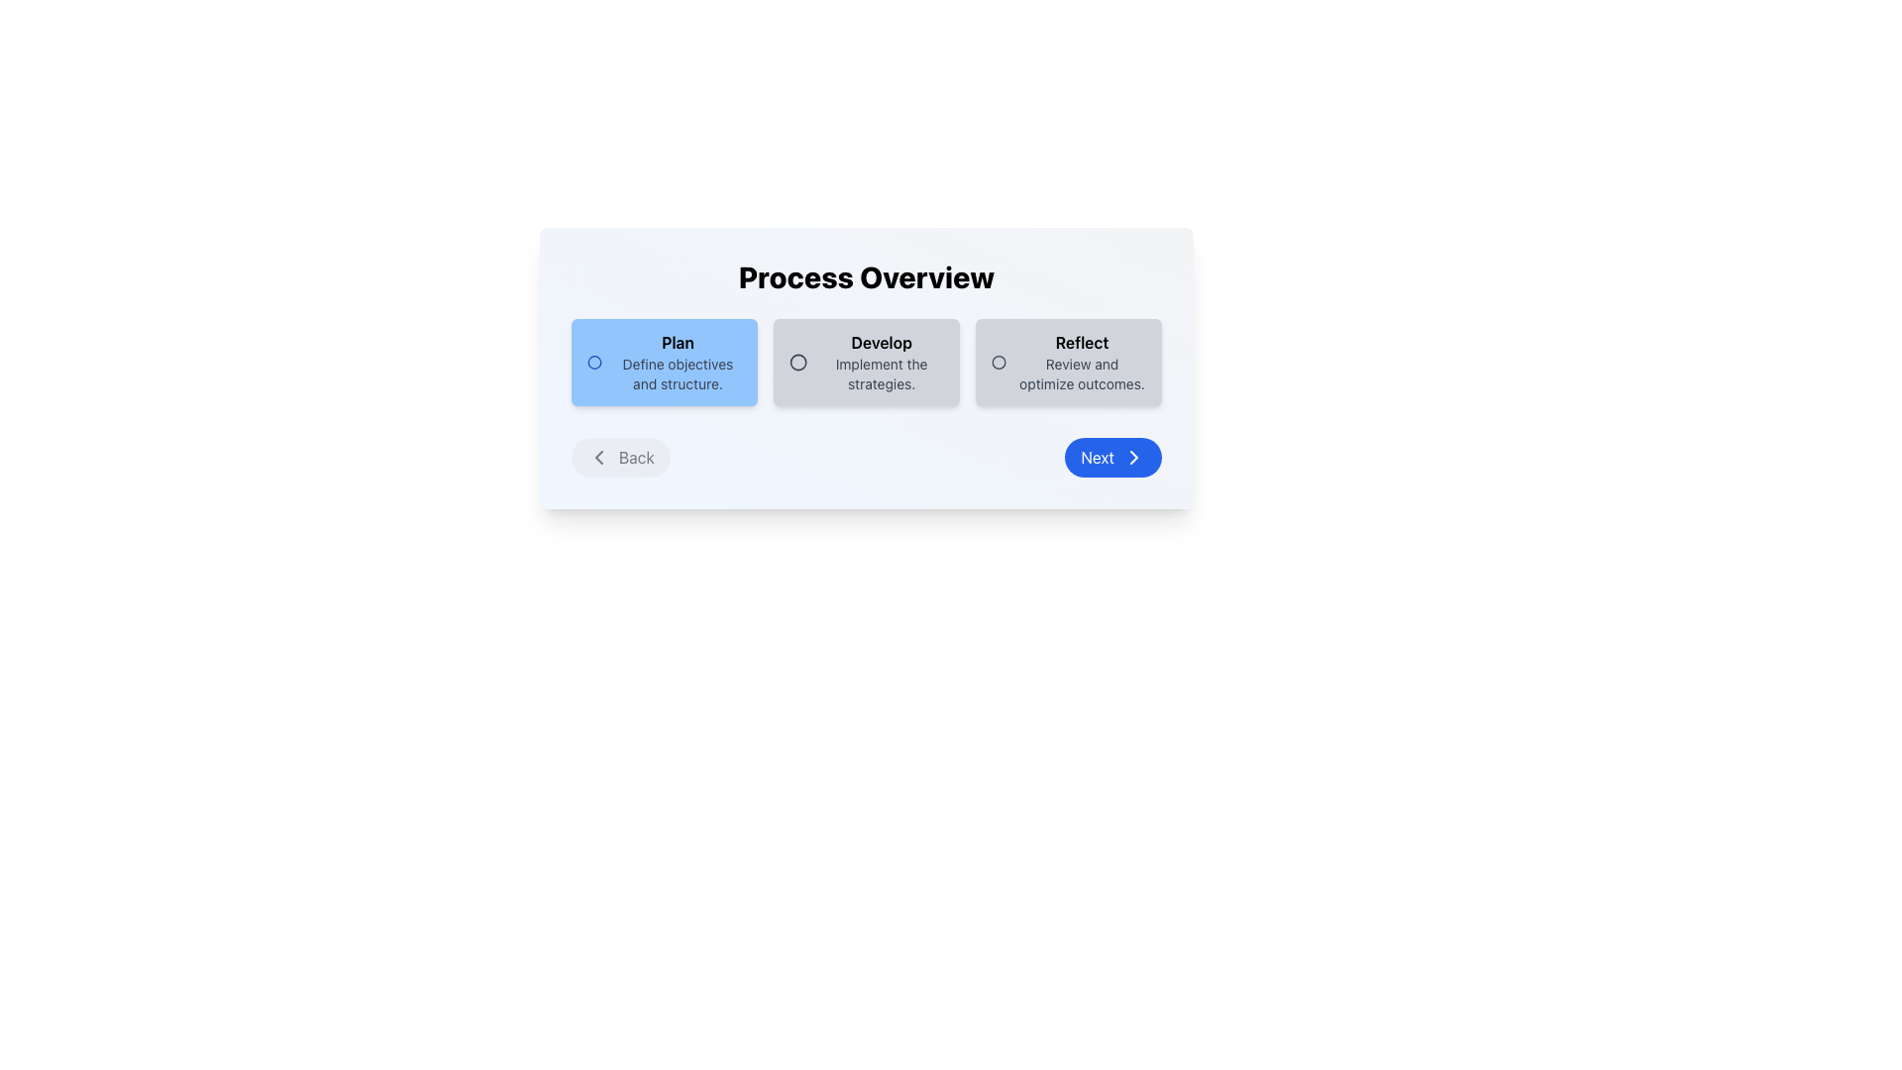 This screenshot has height=1070, width=1902. What do you see at coordinates (1068, 363) in the screenshot?
I see `the 'Reflect' button` at bounding box center [1068, 363].